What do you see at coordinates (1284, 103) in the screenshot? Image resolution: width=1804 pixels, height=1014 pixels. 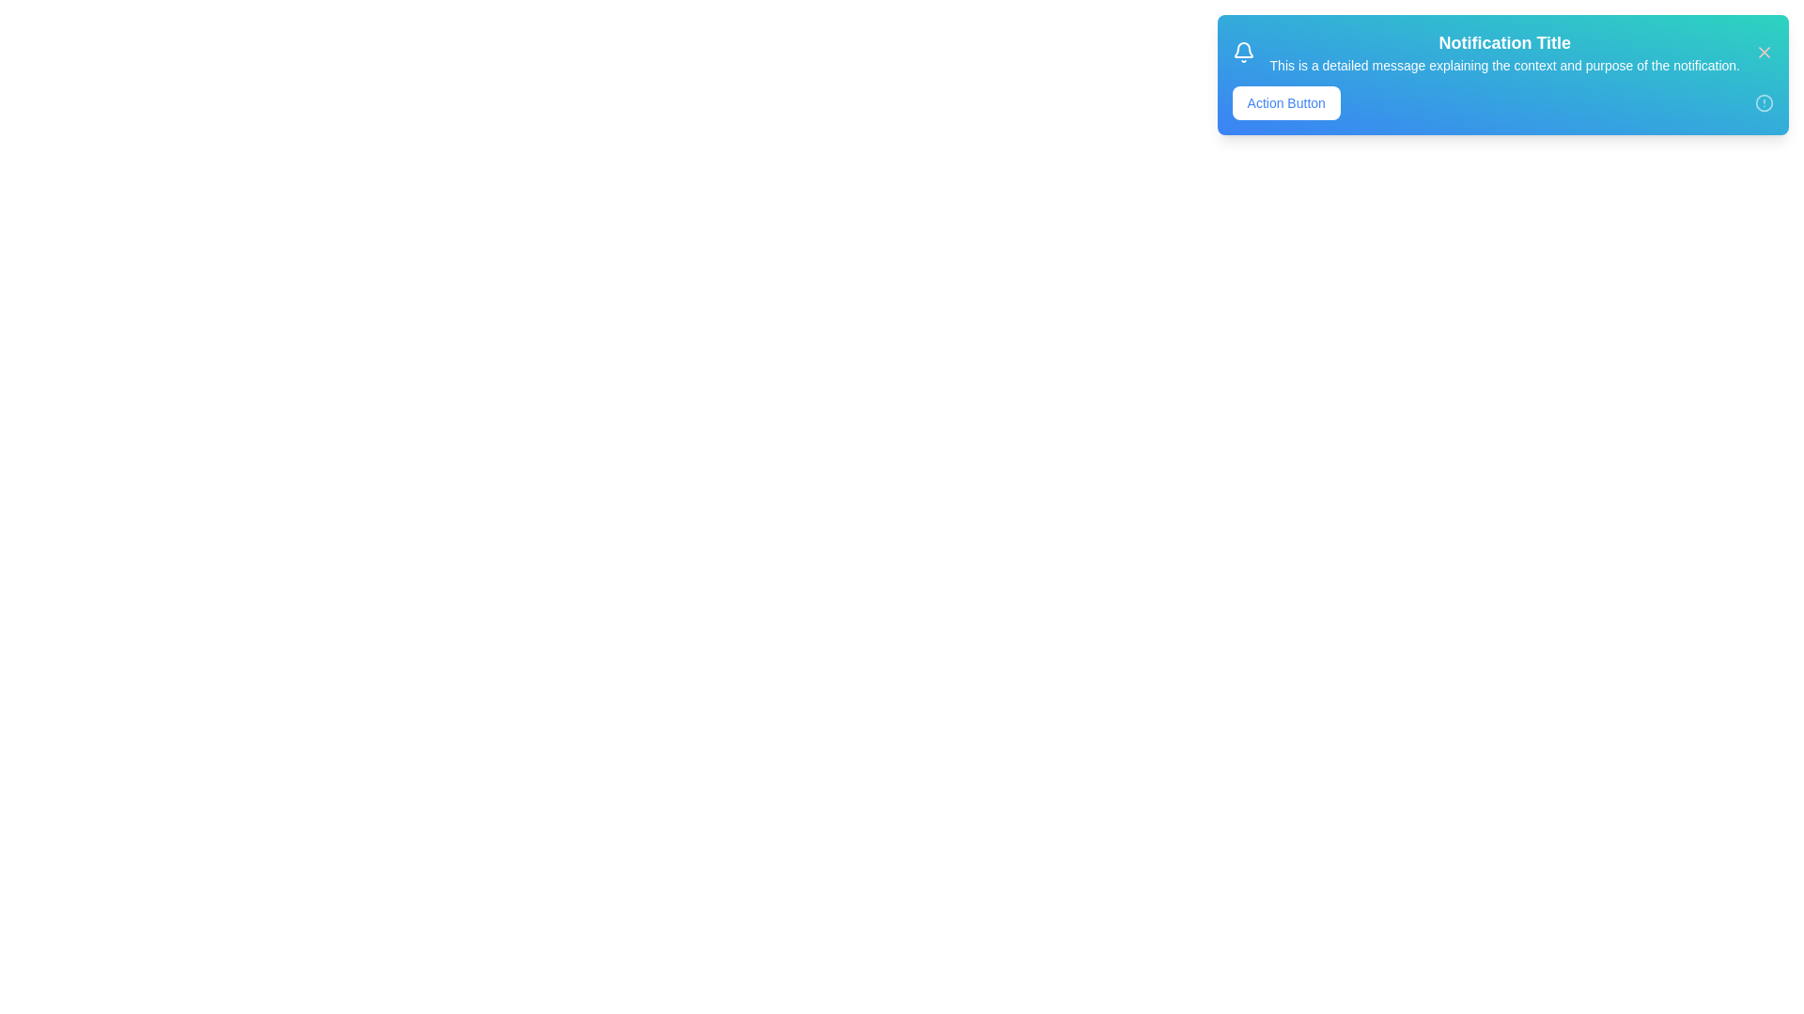 I see `the 'Action Button' to trigger the main action` at bounding box center [1284, 103].